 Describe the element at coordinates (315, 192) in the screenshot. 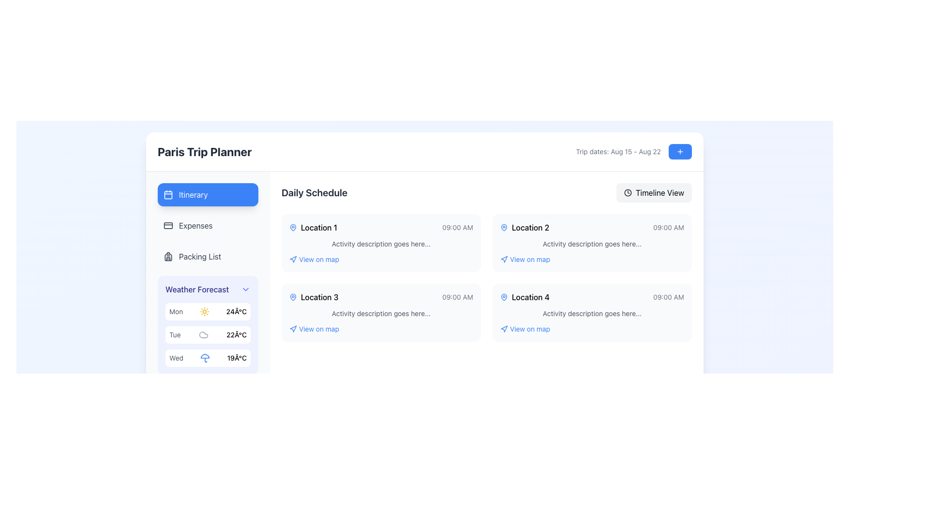

I see `the text label 'Daily Schedule' in bold font located in the header section of the dashboard to copy its text` at that location.